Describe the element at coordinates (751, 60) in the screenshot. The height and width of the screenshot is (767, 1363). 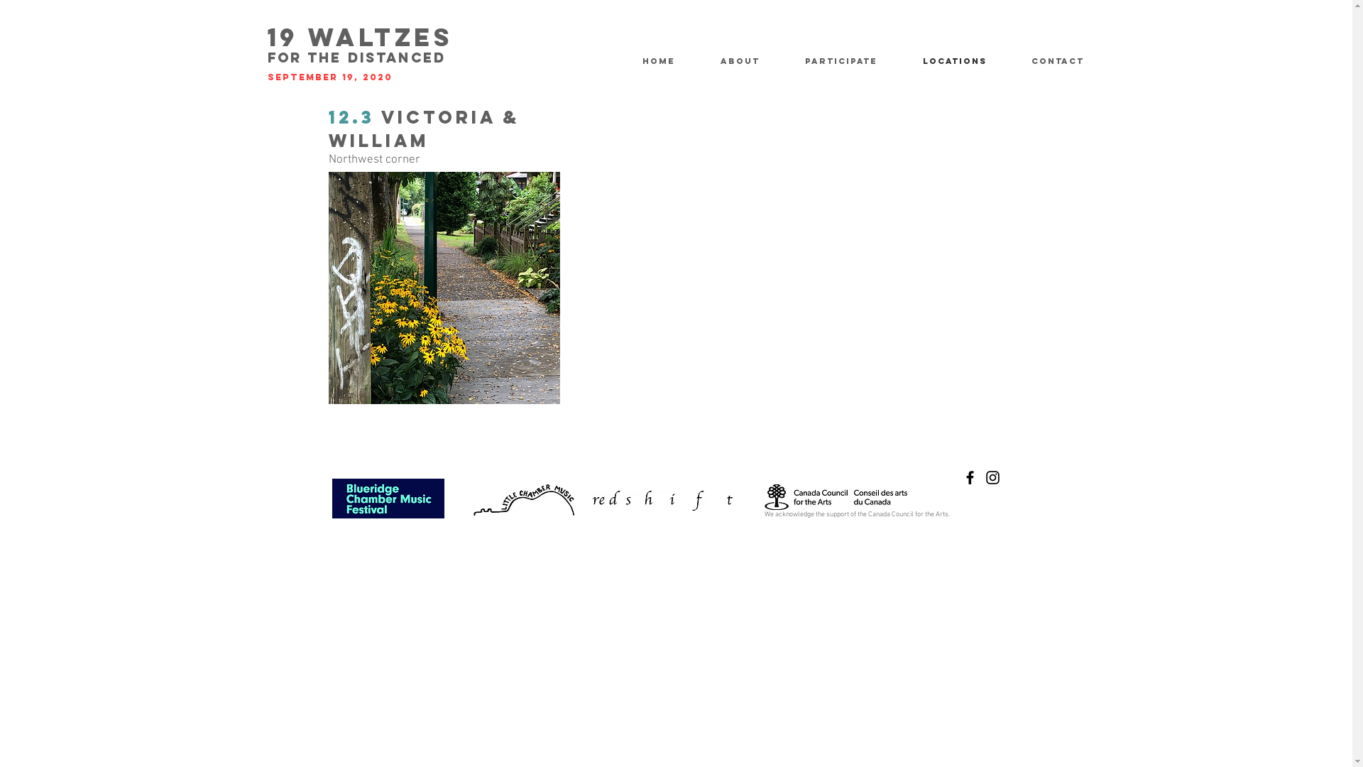
I see `'About'` at that location.